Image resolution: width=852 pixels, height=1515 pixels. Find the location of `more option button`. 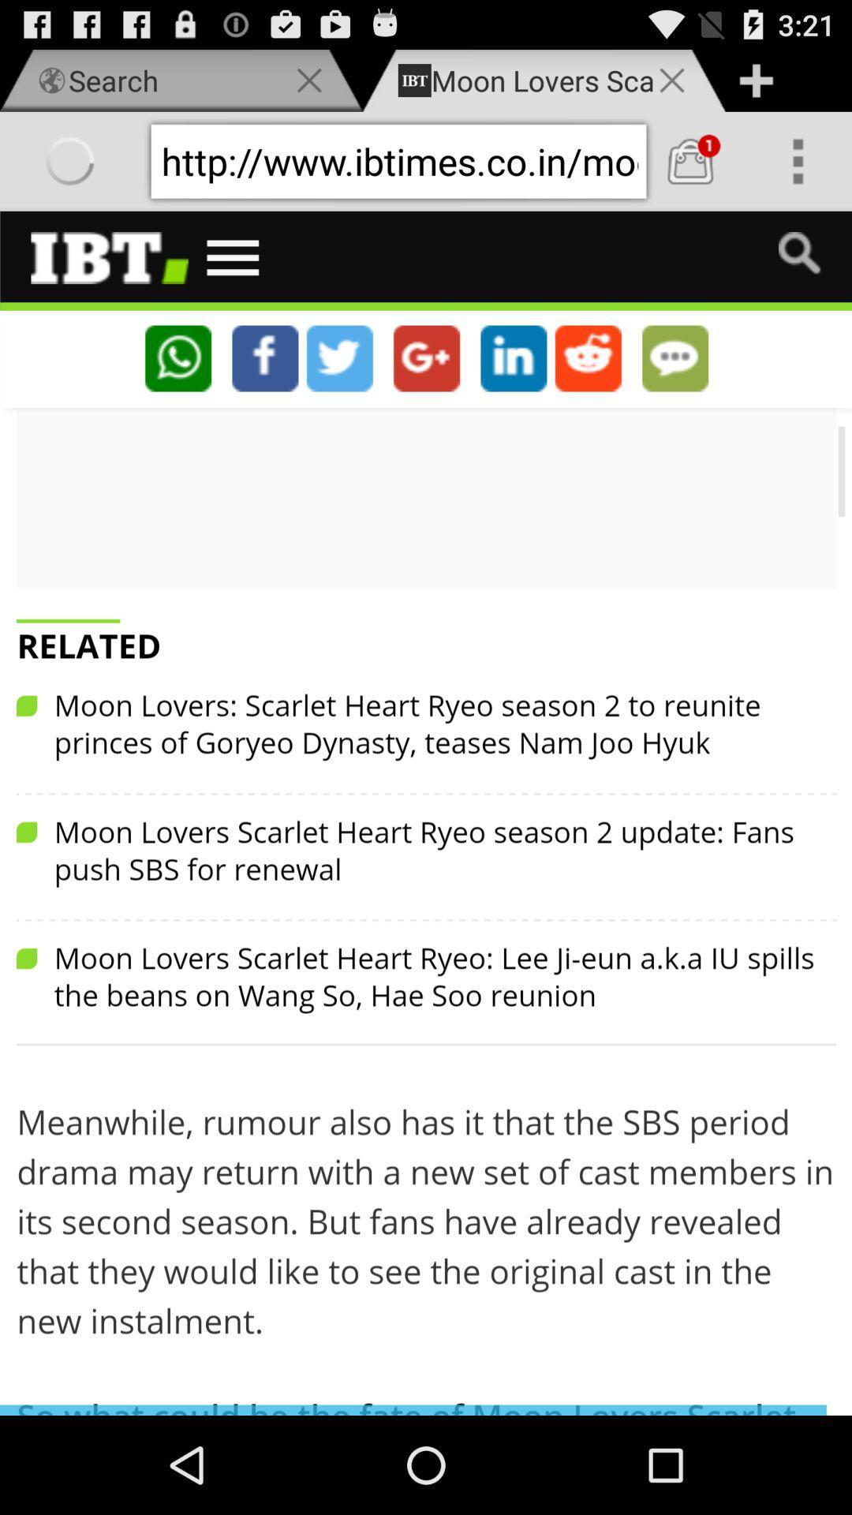

more option button is located at coordinates (798, 161).